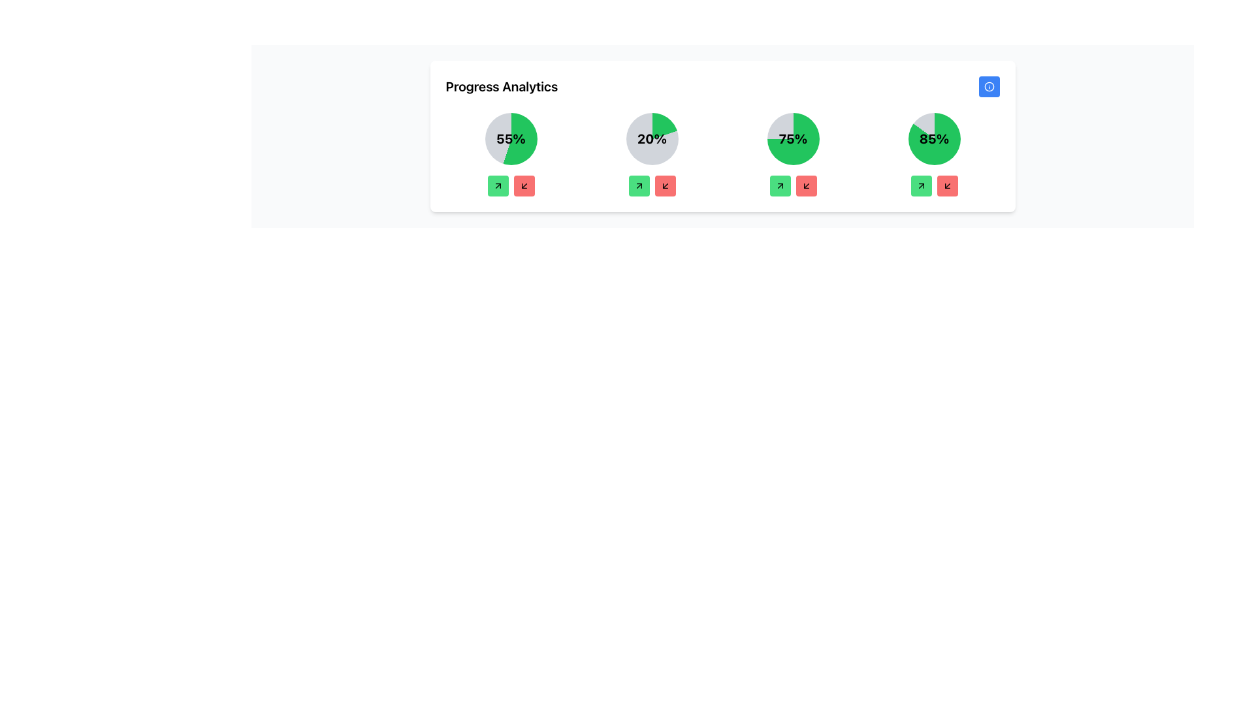 The image size is (1254, 705). Describe the element at coordinates (933, 186) in the screenshot. I see `the button group with green and red buttons containing arrow icons` at that location.